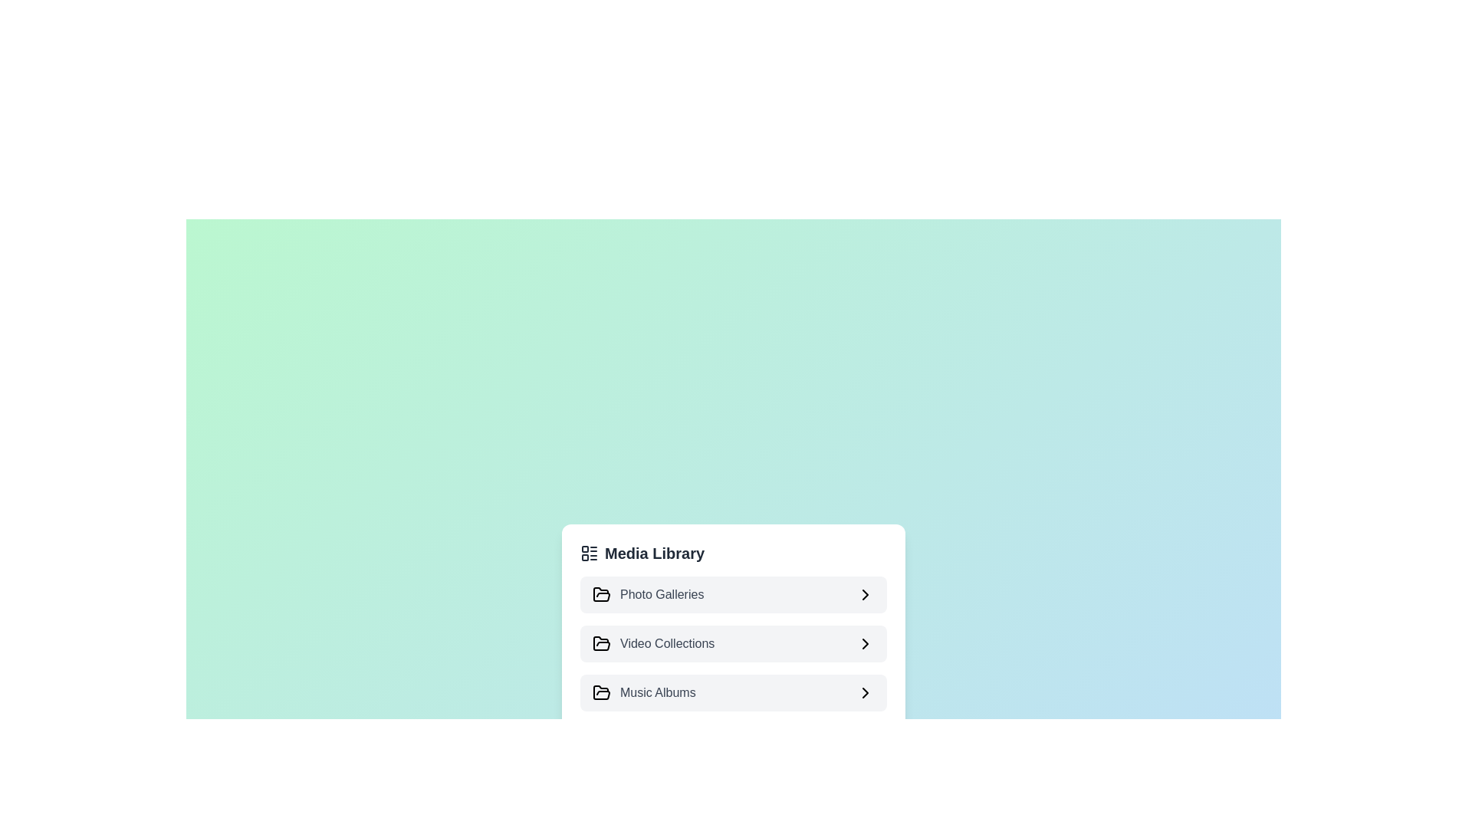  Describe the element at coordinates (865, 644) in the screenshot. I see `icon next to the category title Video Collections` at that location.